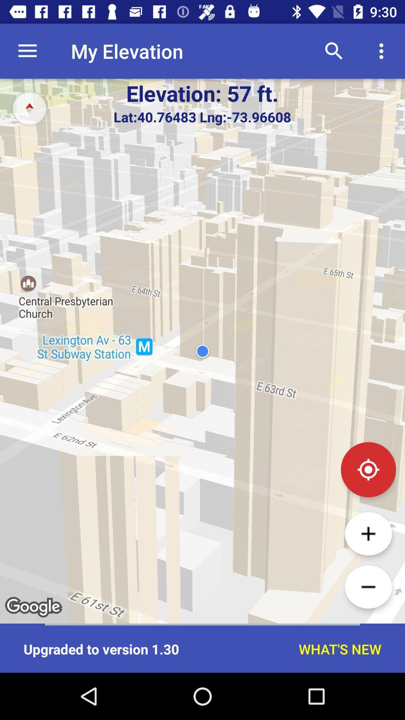  Describe the element at coordinates (368, 533) in the screenshot. I see `add bar` at that location.